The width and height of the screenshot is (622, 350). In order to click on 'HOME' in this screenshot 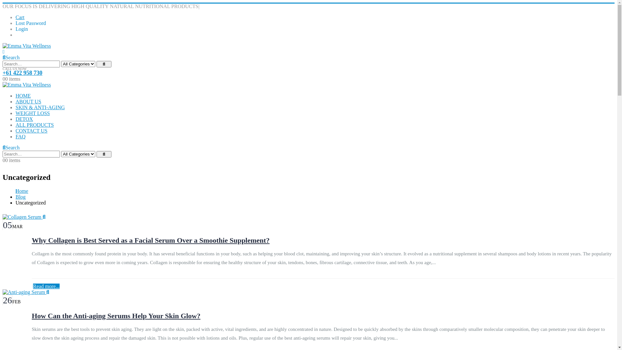, I will do `click(23, 96)`.